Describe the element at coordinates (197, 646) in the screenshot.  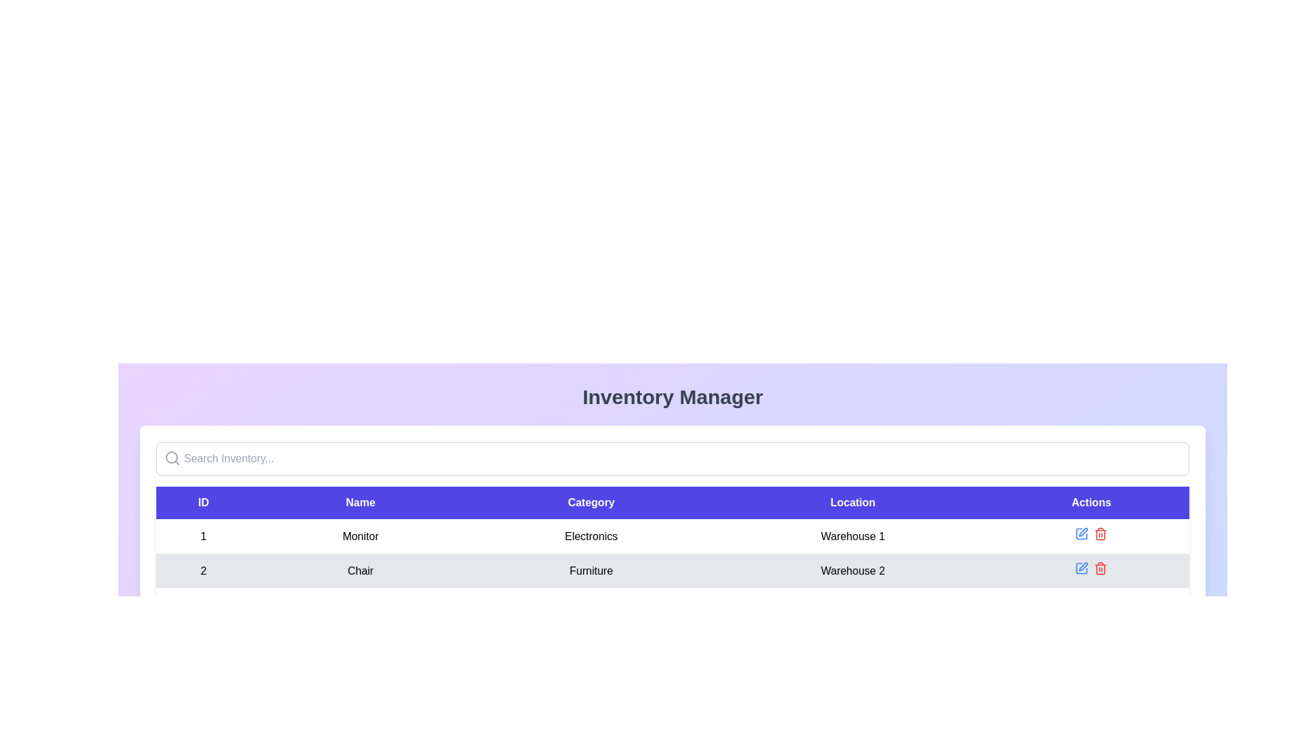
I see `the green 'Add Item' button with rounded corners located at the bottom left of the interface below the 'Inventory Manager' table to change its color to a slightly darker shade of green` at that location.